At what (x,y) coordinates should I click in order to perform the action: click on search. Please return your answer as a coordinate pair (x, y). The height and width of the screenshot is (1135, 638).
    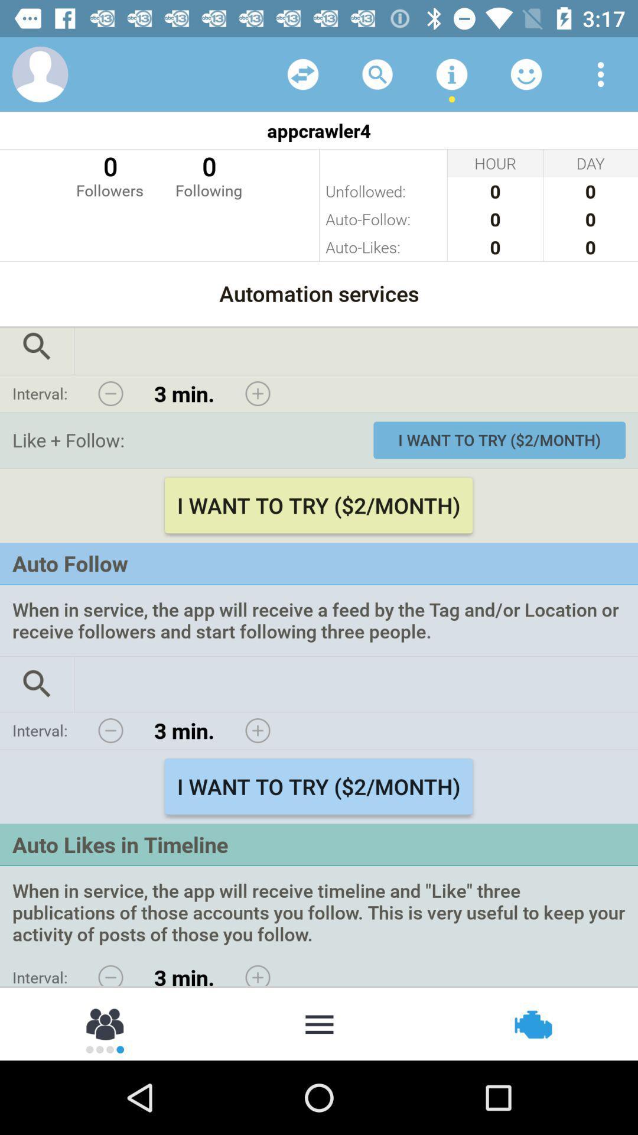
    Looking at the image, I should click on (377, 73).